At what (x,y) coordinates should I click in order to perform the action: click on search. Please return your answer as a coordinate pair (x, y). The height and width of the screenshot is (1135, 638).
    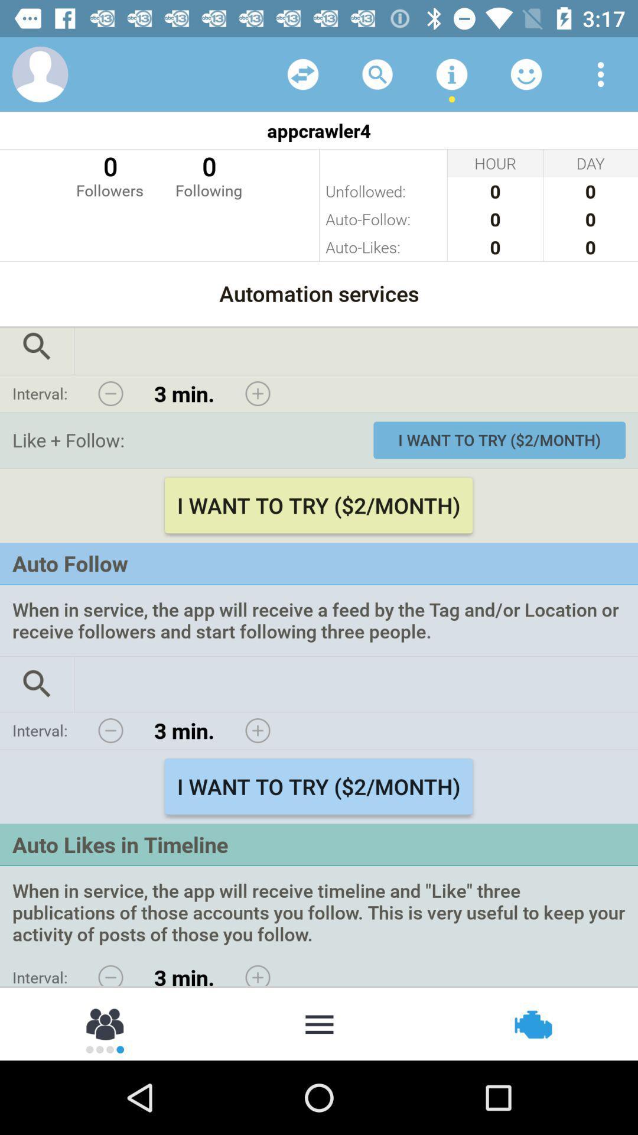
    Looking at the image, I should click on (377, 73).